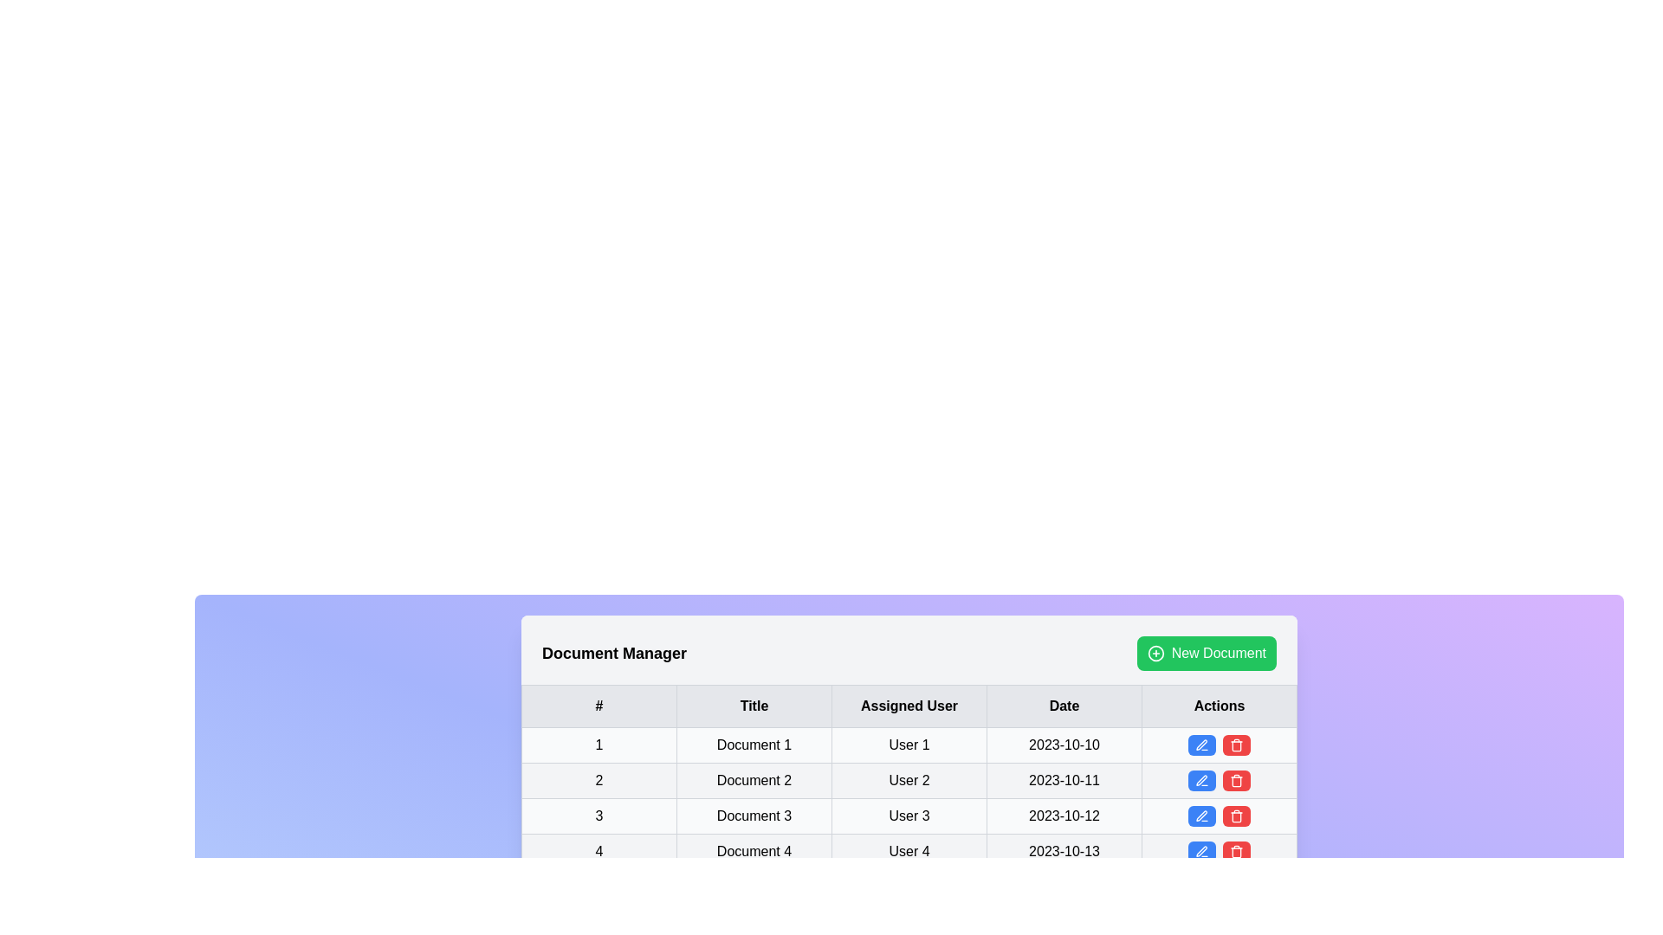 The width and height of the screenshot is (1663, 935). I want to click on the interactive button group in the 'Actions' column of the fourth row, so click(1218, 781).